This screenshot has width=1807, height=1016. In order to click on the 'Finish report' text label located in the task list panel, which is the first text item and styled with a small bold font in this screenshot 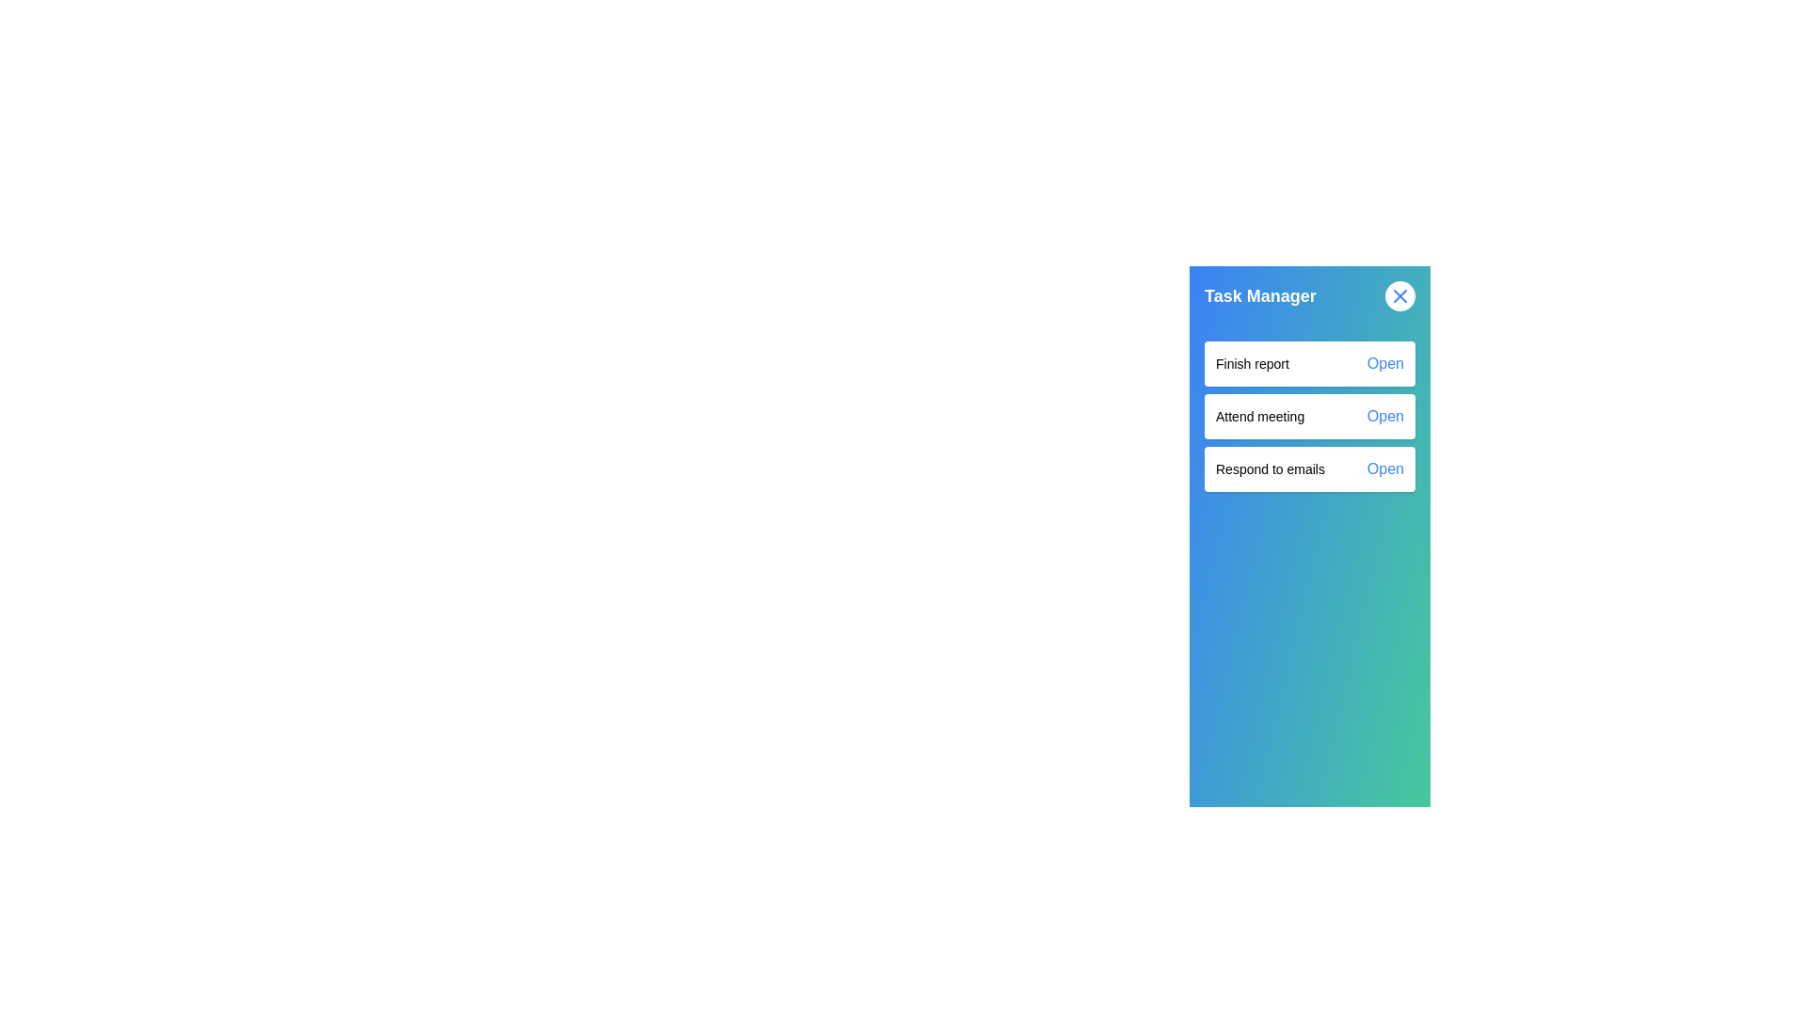, I will do `click(1252, 363)`.